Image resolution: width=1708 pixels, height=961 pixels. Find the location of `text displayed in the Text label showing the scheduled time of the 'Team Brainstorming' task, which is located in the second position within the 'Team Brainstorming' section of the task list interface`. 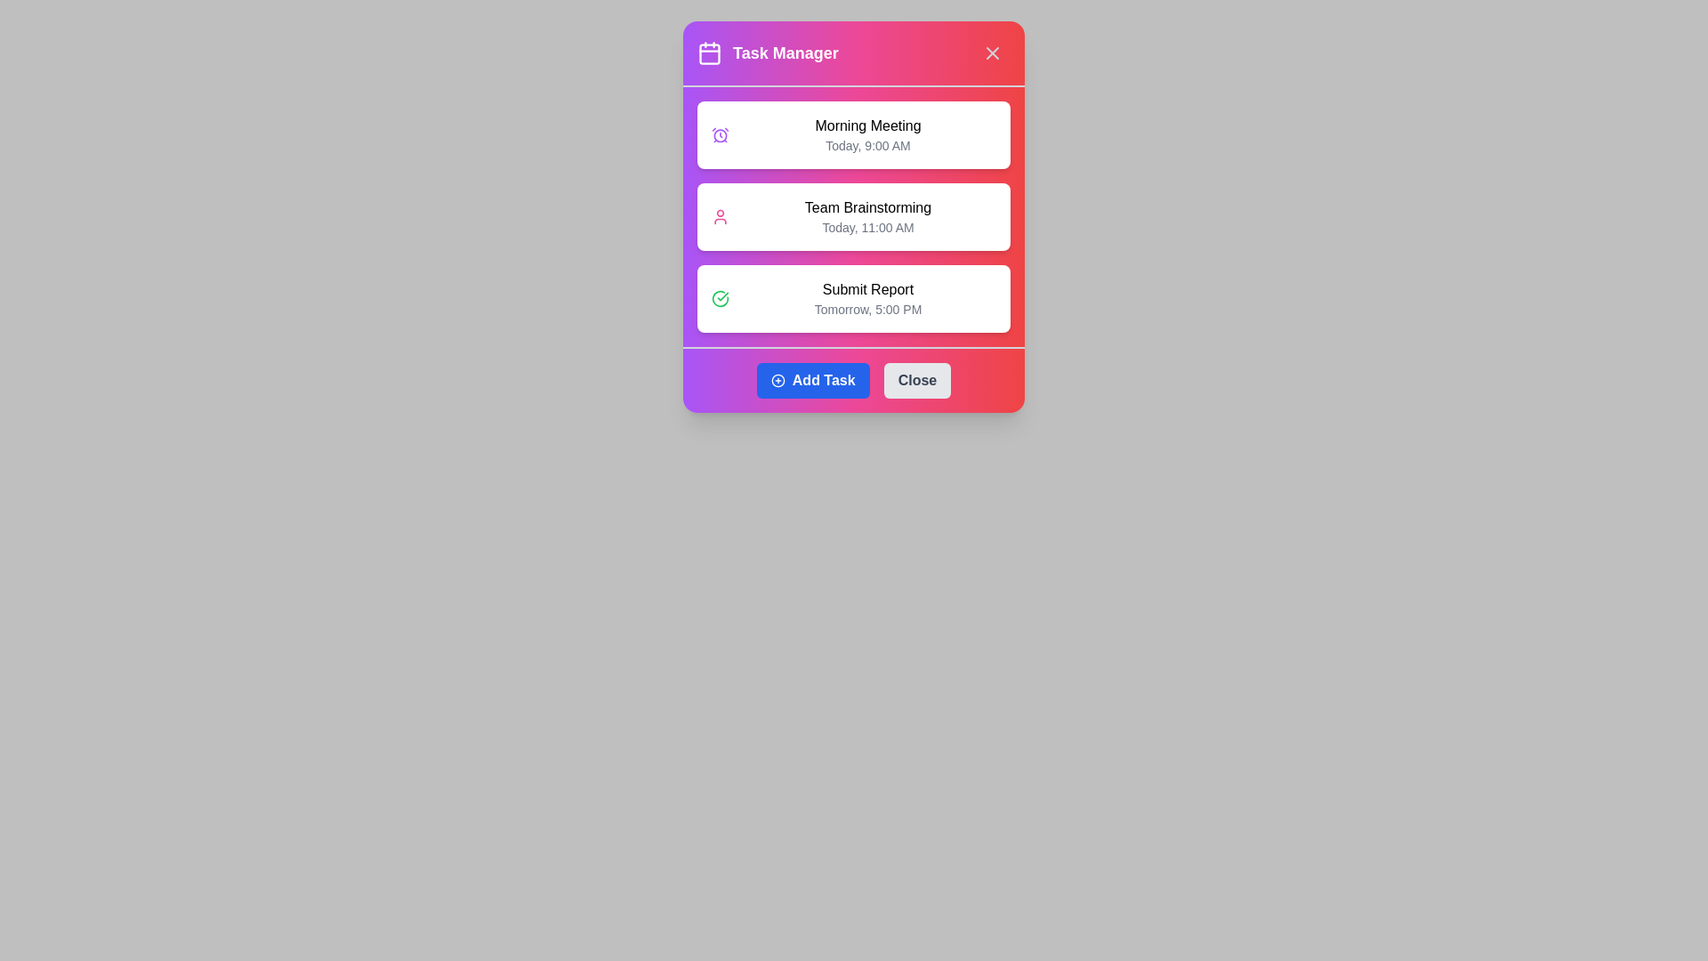

text displayed in the Text label showing the scheduled time of the 'Team Brainstorming' task, which is located in the second position within the 'Team Brainstorming' section of the task list interface is located at coordinates (867, 226).